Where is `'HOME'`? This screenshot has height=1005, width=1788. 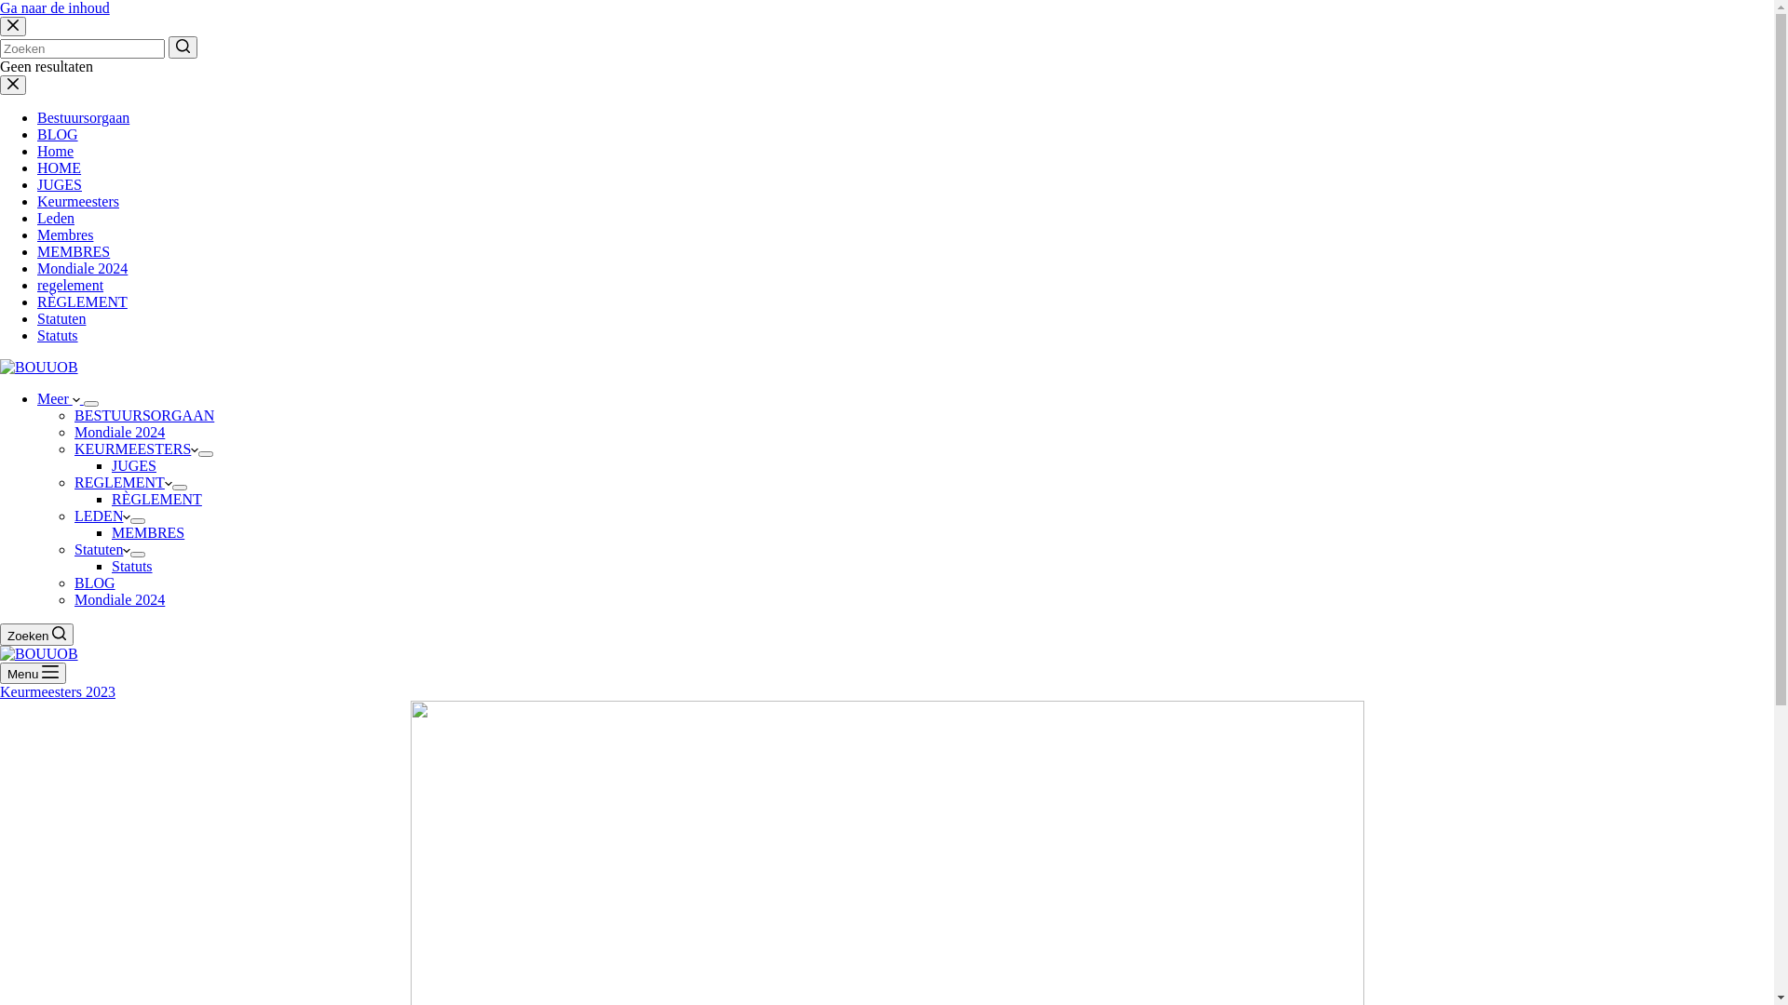 'HOME' is located at coordinates (36, 167).